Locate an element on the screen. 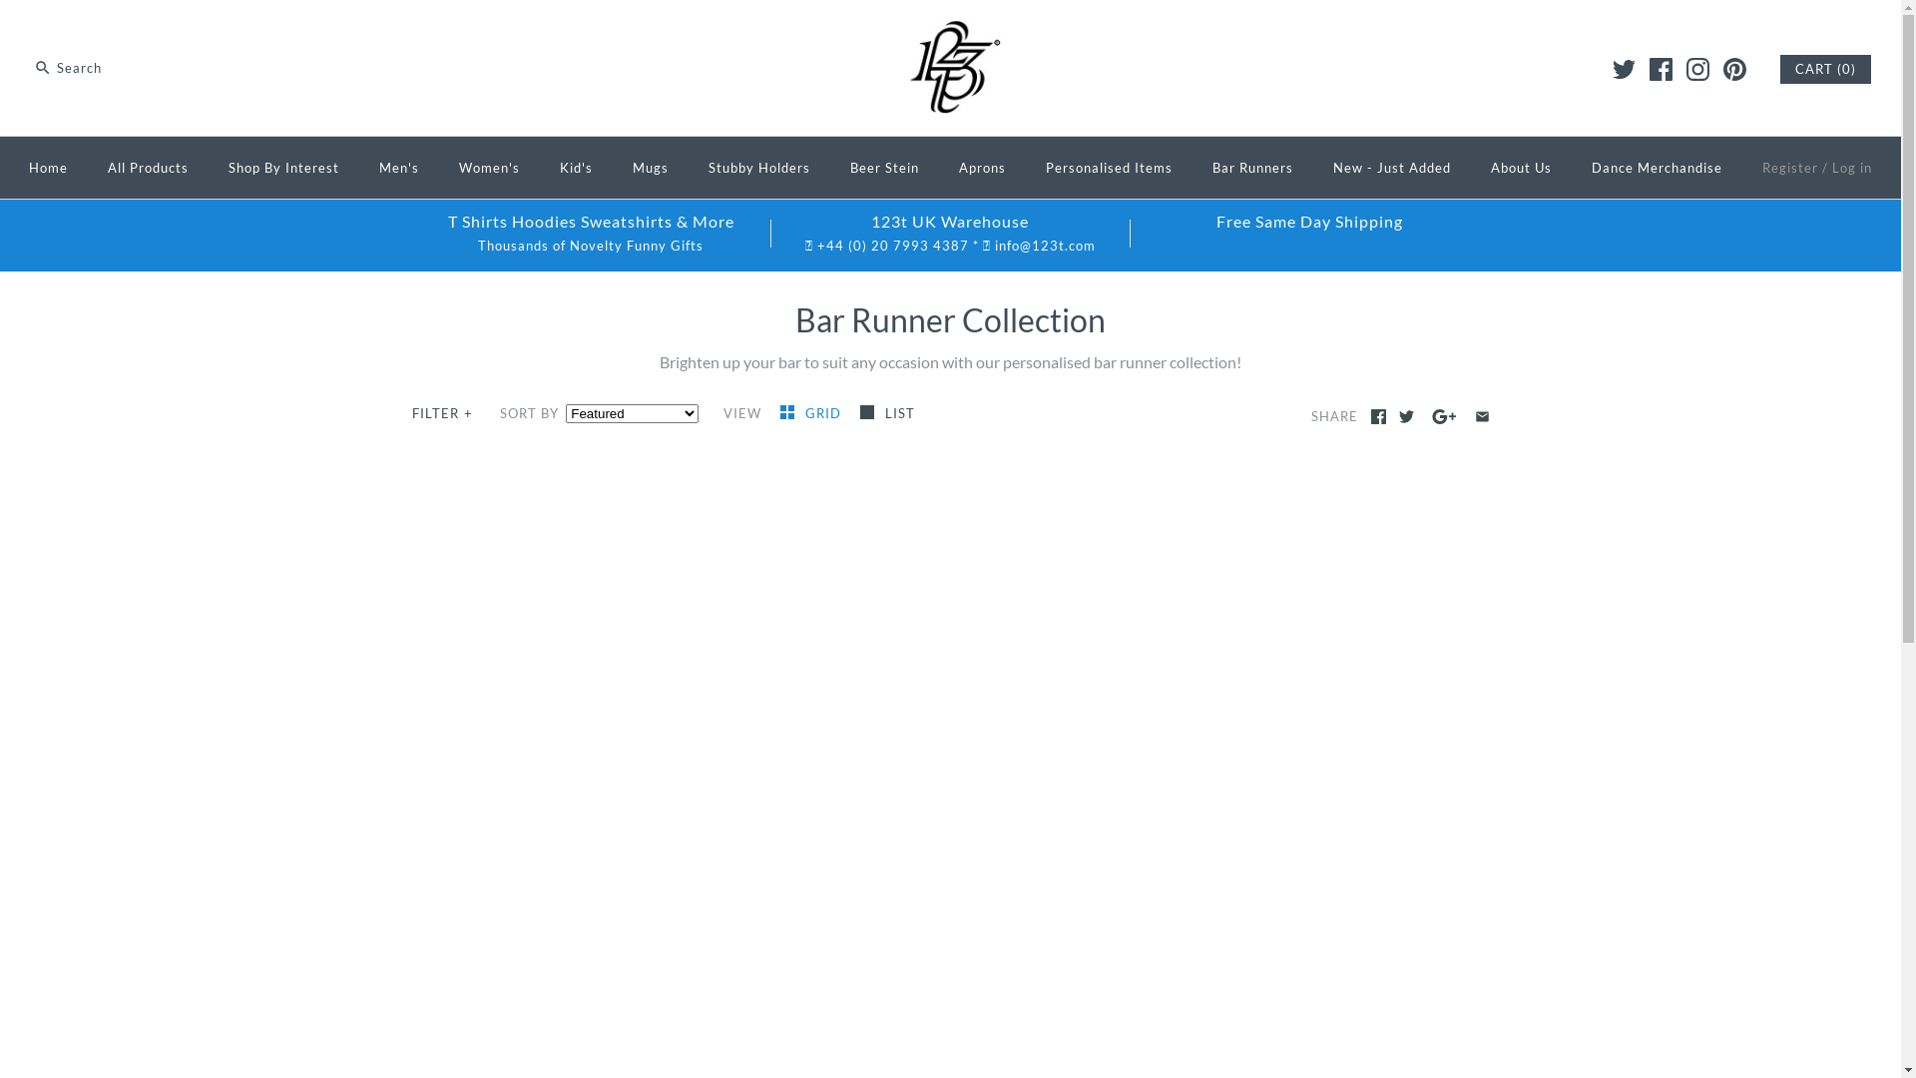  'Bar Runners' is located at coordinates (1251, 167).